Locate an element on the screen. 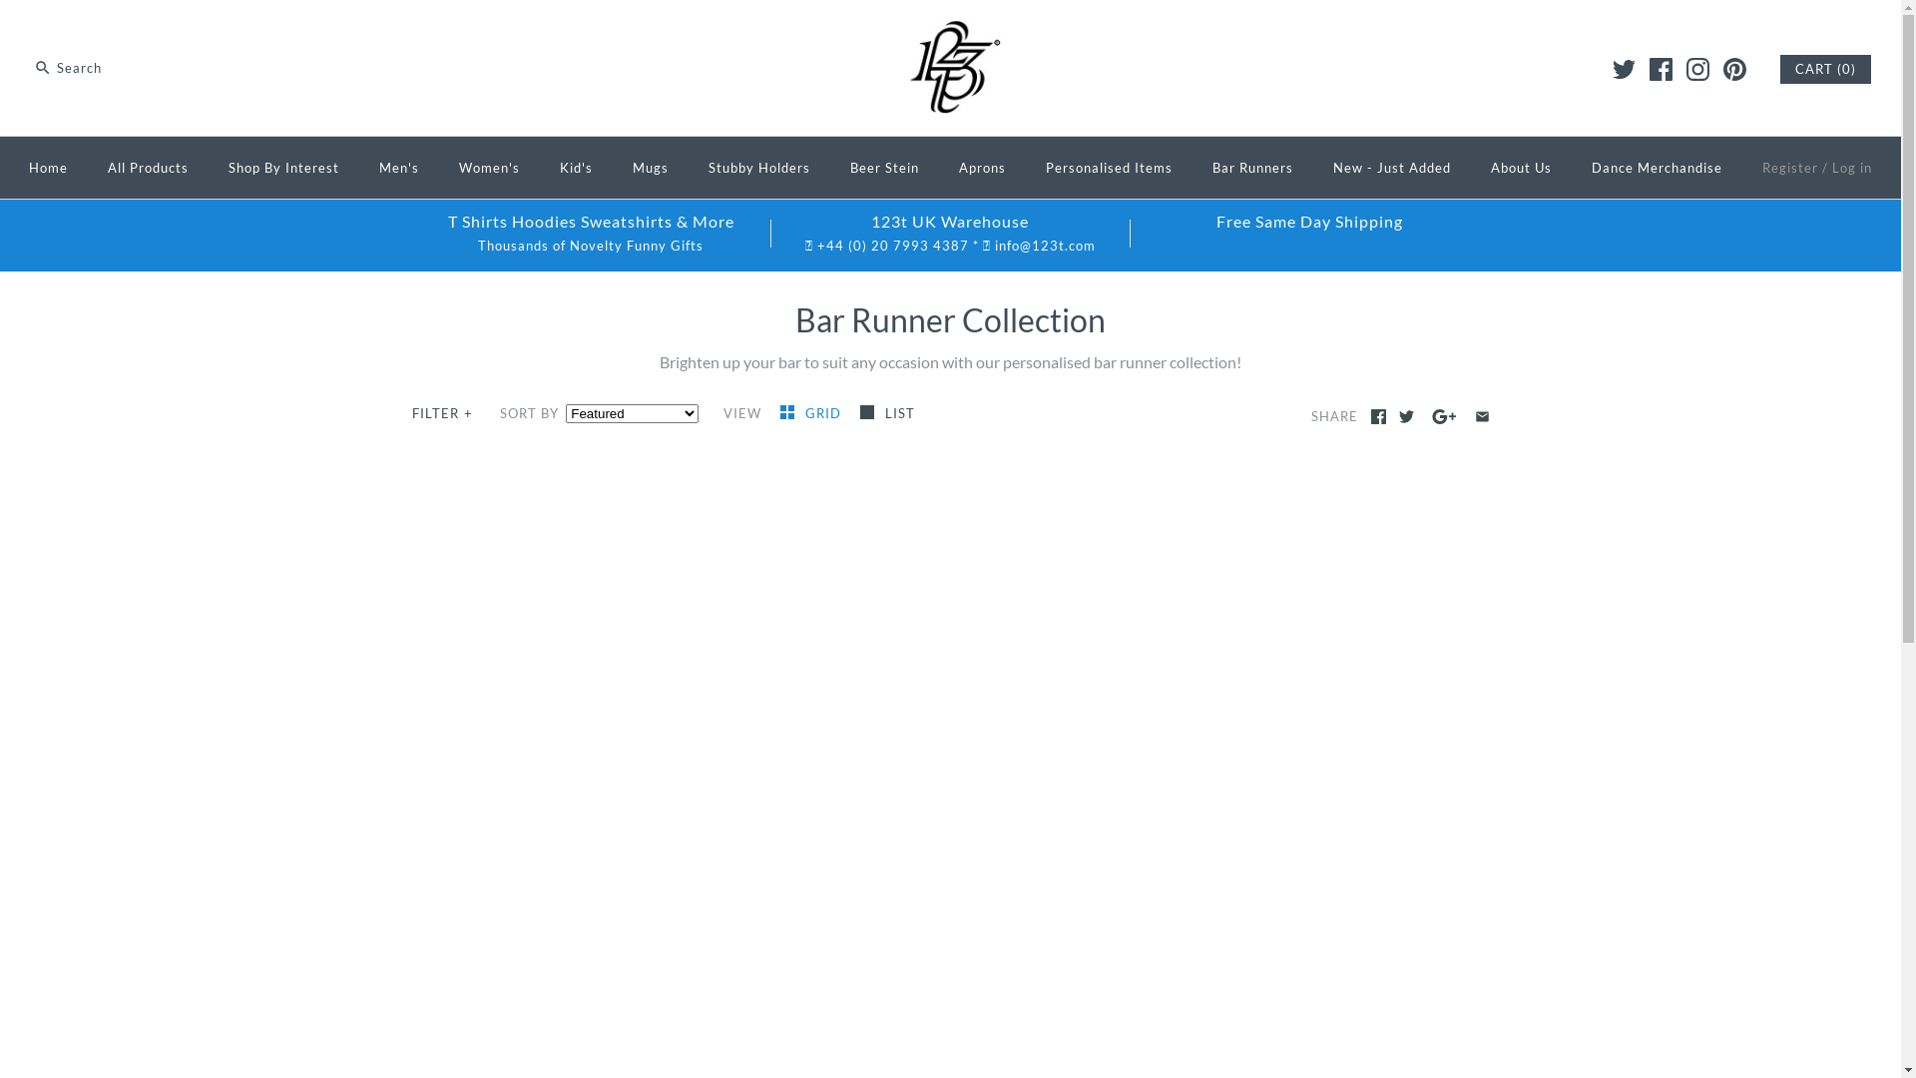  'Bar Runners' is located at coordinates (1251, 167).